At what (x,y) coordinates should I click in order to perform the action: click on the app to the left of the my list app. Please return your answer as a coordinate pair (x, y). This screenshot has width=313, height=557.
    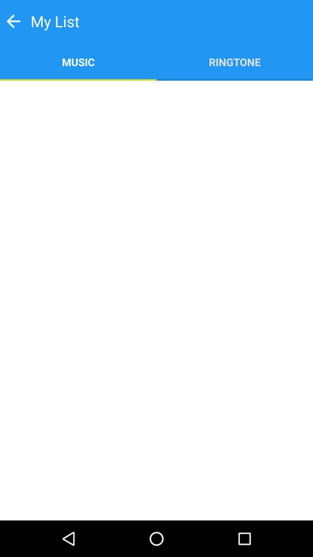
    Looking at the image, I should click on (13, 21).